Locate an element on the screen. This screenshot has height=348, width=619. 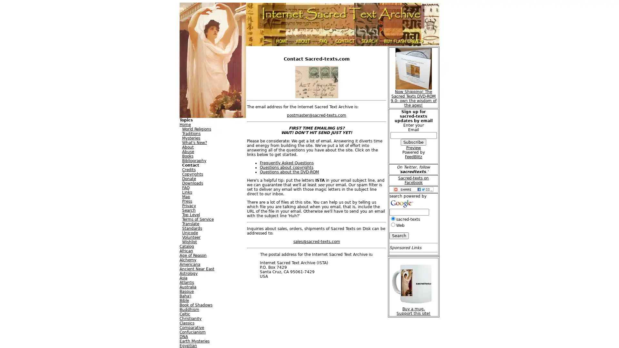
Search is located at coordinates (398, 235).